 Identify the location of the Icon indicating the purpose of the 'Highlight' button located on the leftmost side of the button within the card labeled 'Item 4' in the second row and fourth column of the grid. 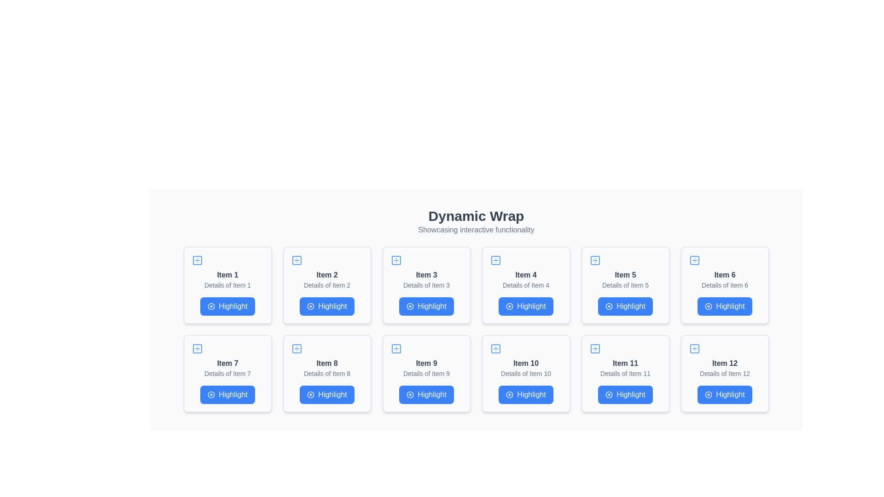
(509, 306).